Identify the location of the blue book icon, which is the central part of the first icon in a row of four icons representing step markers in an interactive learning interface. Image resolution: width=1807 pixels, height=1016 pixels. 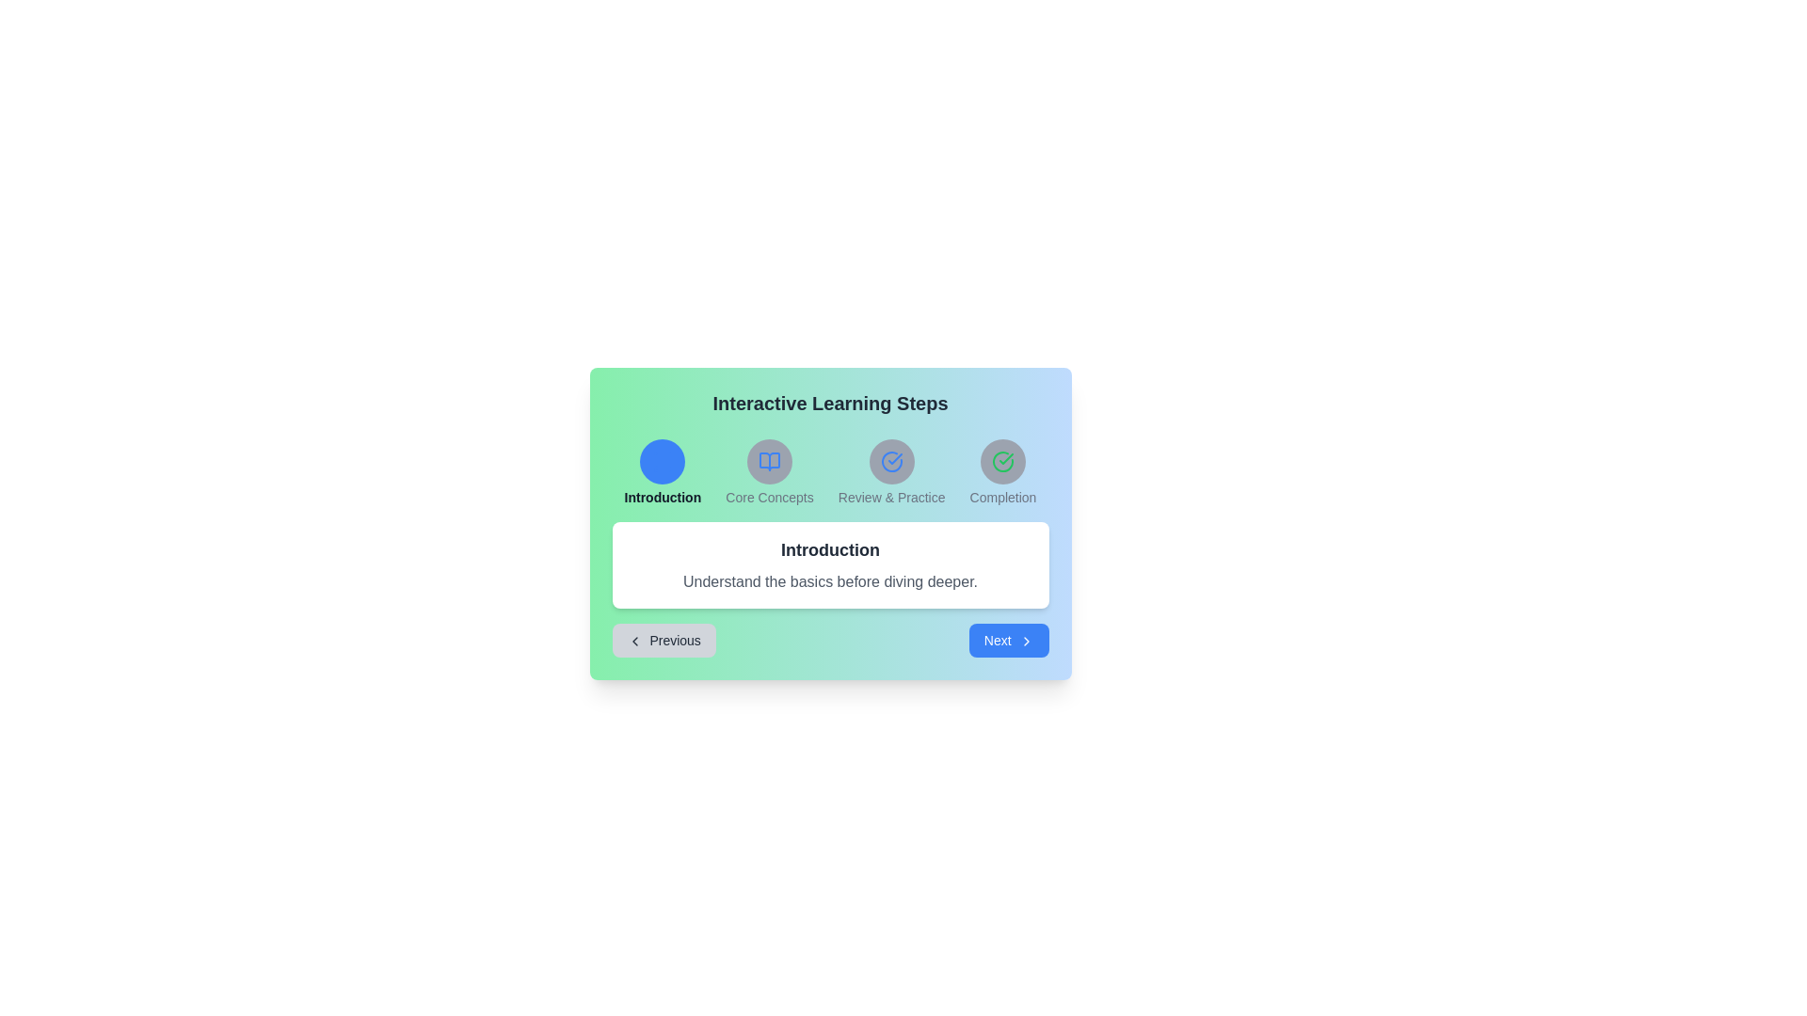
(663, 461).